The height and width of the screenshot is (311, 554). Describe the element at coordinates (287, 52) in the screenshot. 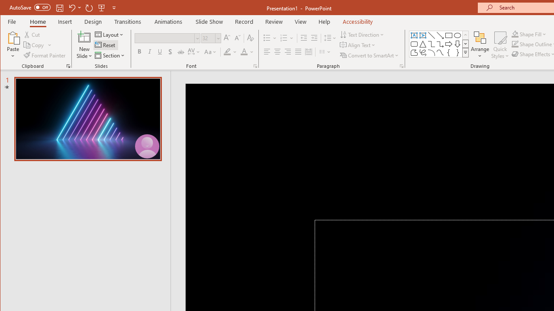

I see `'Align Right'` at that location.